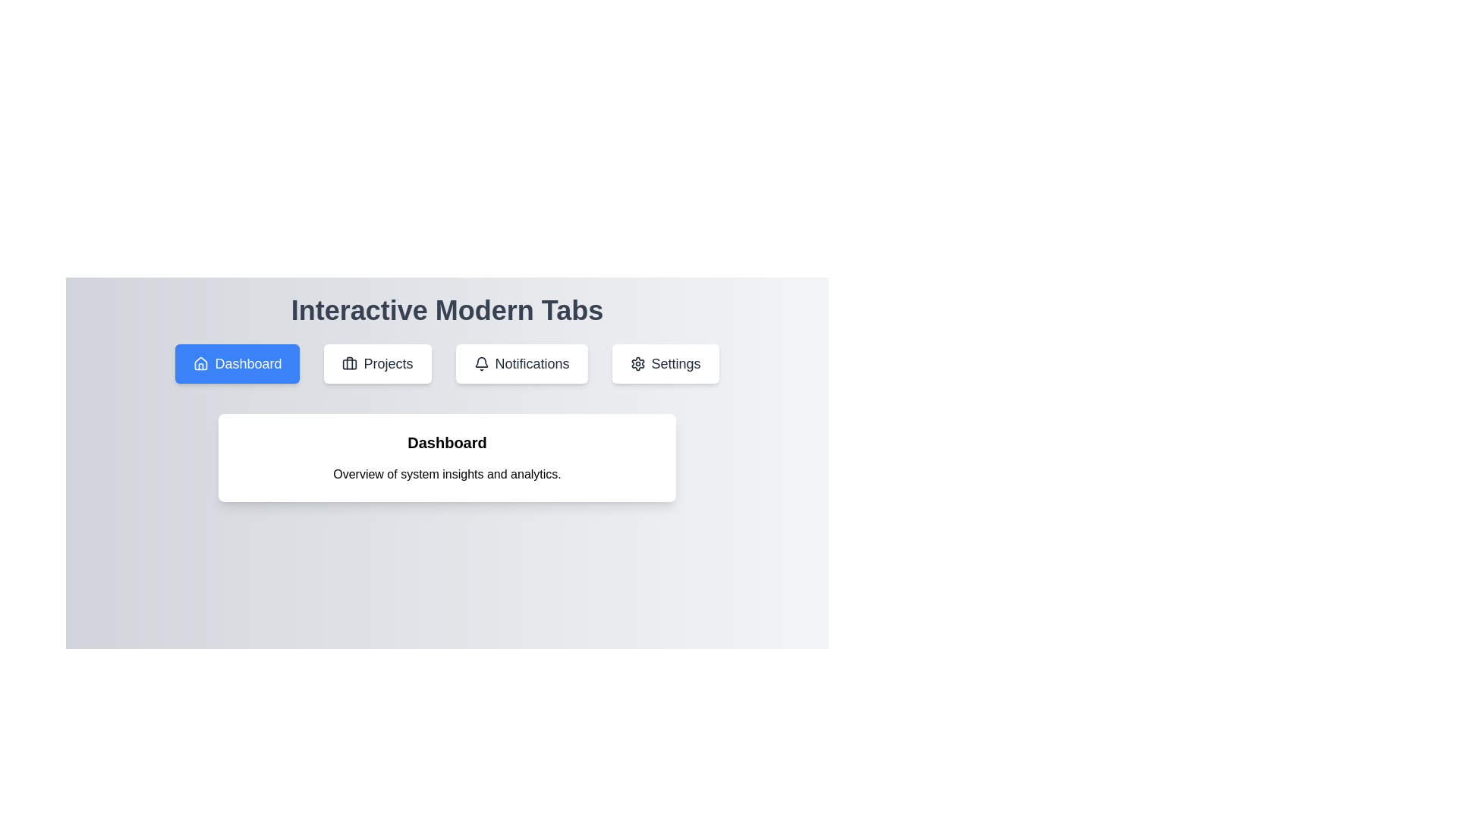 The height and width of the screenshot is (819, 1457). Describe the element at coordinates (666, 363) in the screenshot. I see `the Settings navigation button, which is the fourth button in a horizontal sequence of navigation buttons, to trigger hover effects` at that location.